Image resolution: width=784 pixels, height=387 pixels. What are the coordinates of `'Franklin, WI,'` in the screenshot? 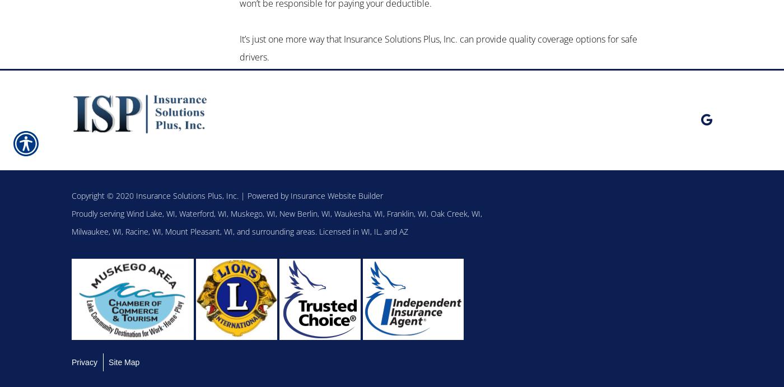 It's located at (408, 212).